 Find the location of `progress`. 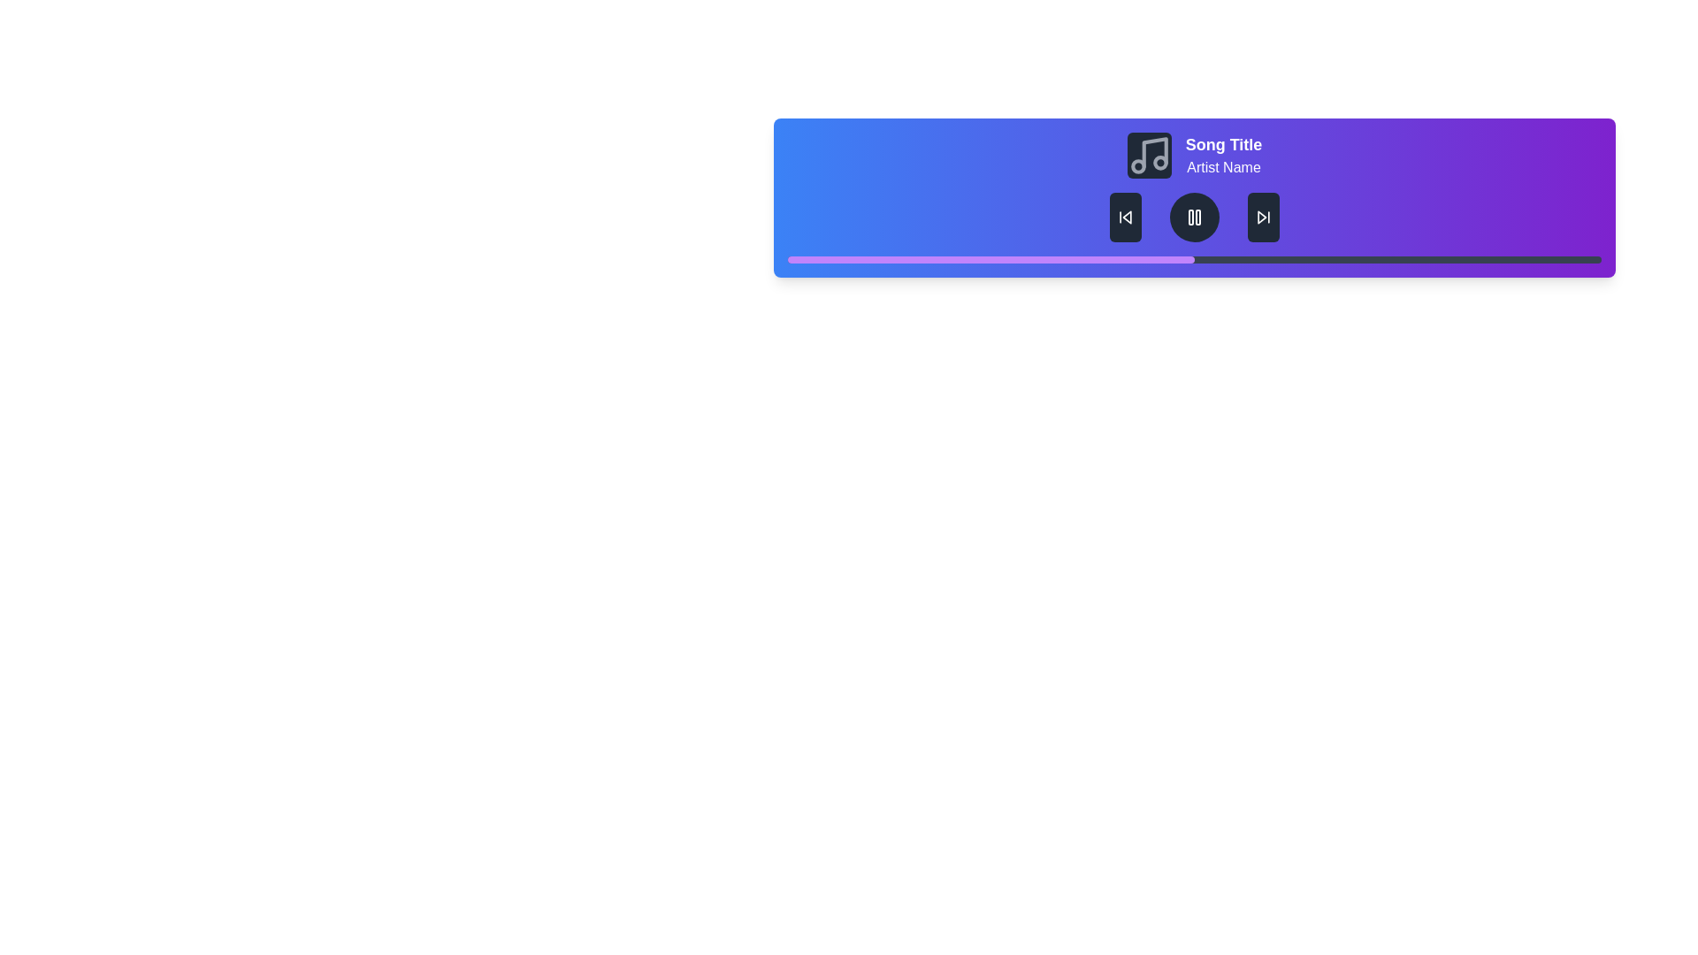

progress is located at coordinates (1430, 259).